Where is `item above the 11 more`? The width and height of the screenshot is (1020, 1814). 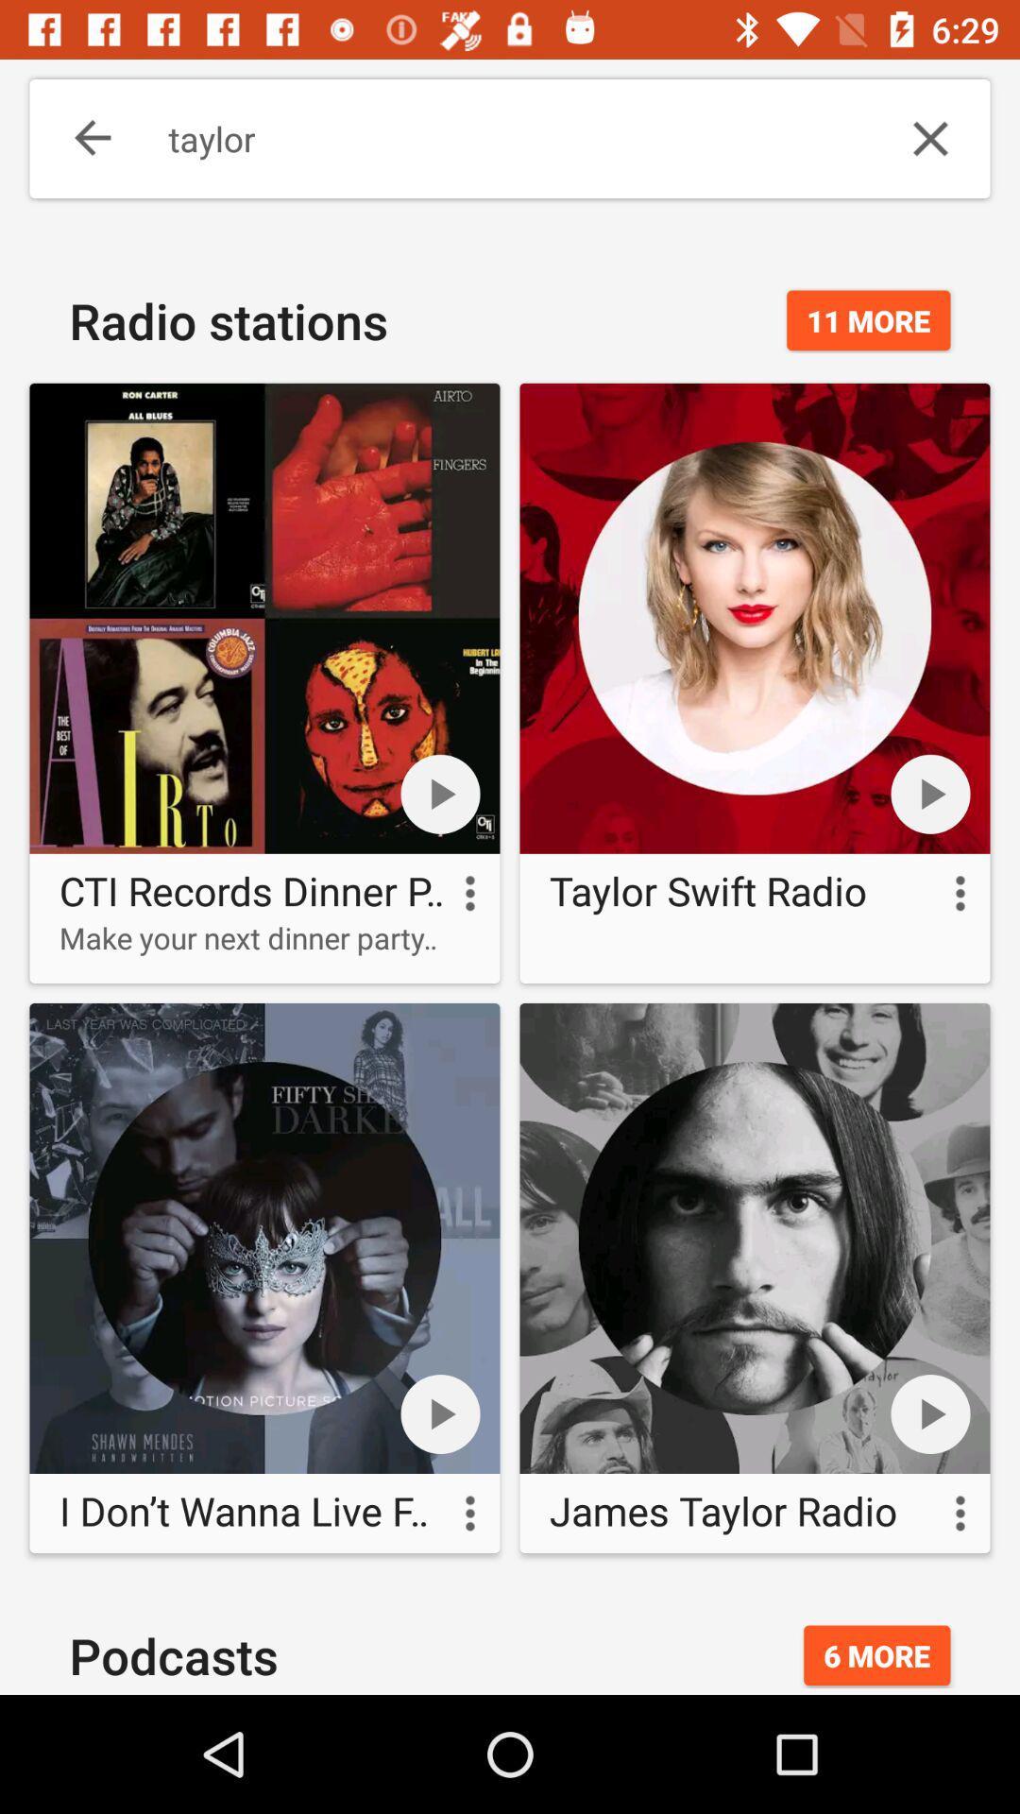 item above the 11 more is located at coordinates (929, 138).